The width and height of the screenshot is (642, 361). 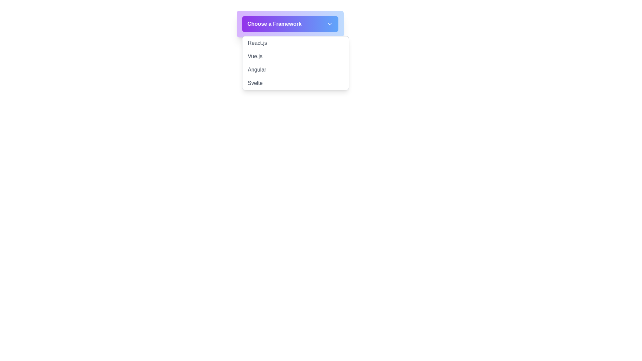 I want to click on the second item in the dropdown list, so click(x=295, y=56).